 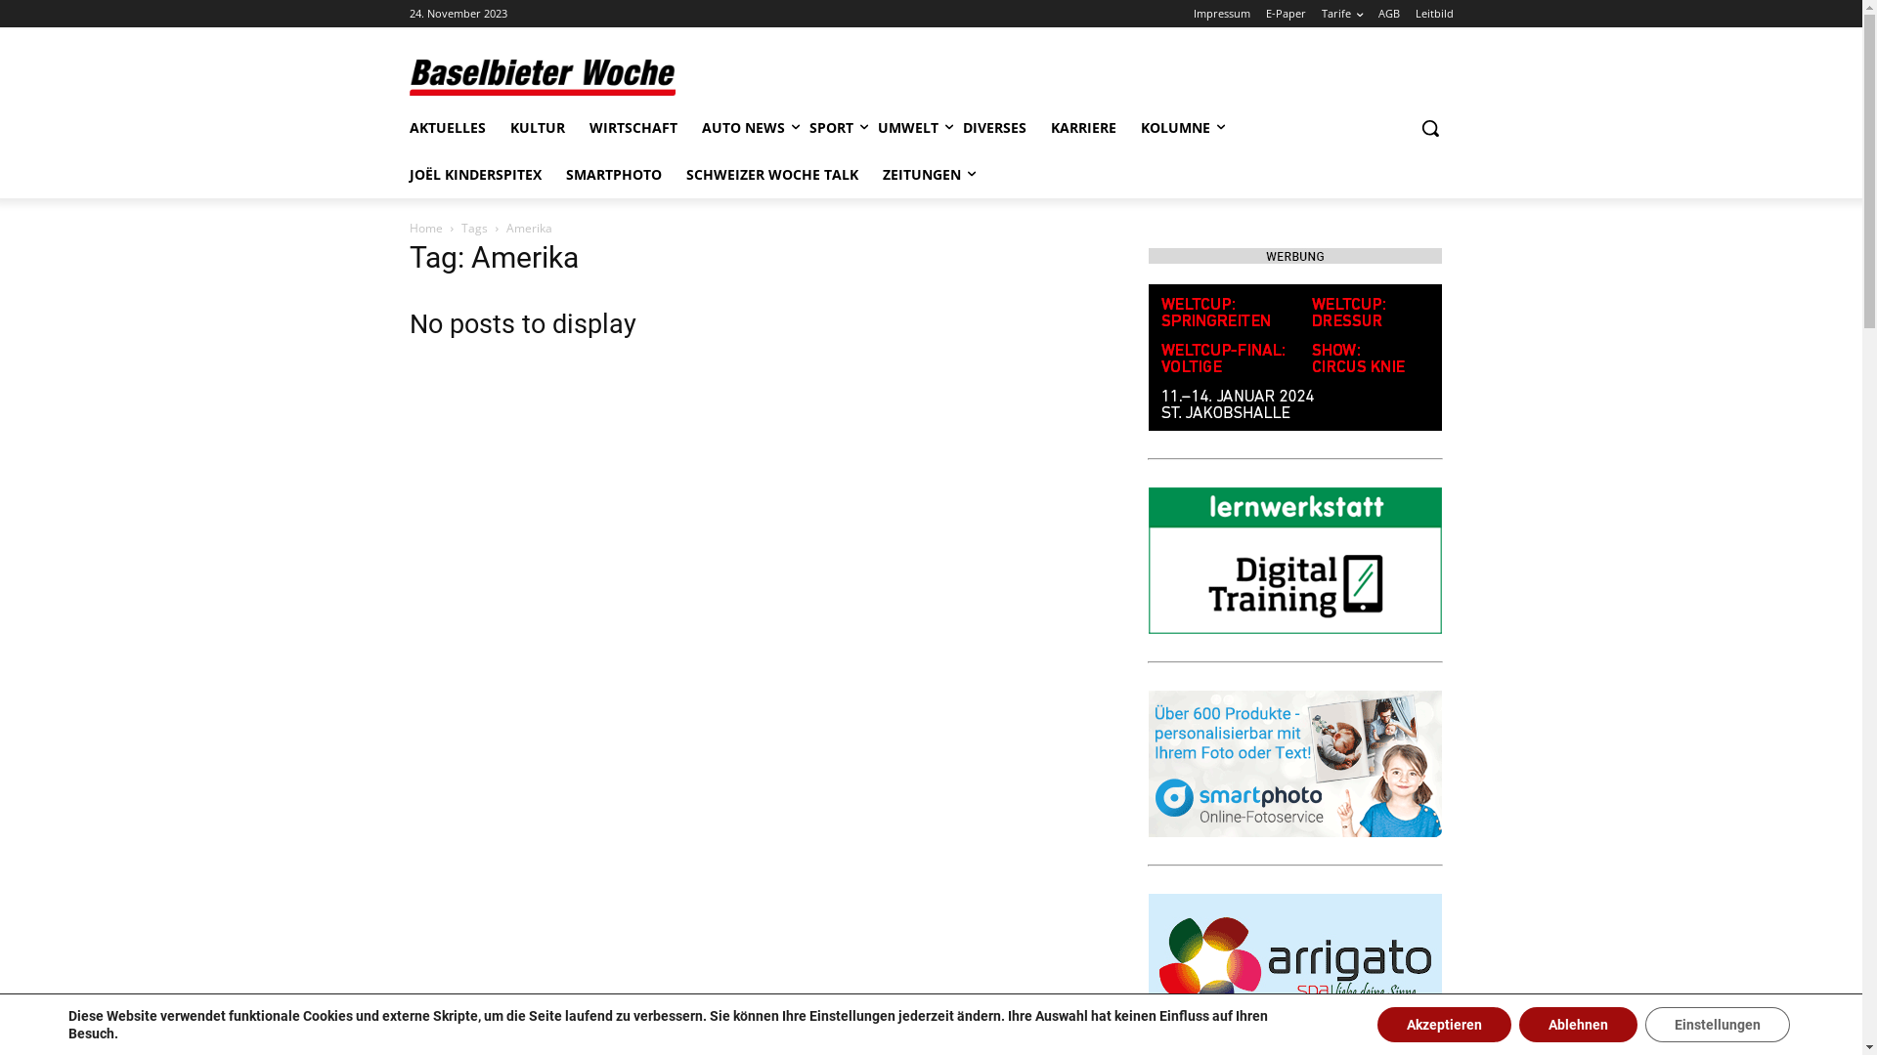 What do you see at coordinates (538, 128) in the screenshot?
I see `'KULTUR'` at bounding box center [538, 128].